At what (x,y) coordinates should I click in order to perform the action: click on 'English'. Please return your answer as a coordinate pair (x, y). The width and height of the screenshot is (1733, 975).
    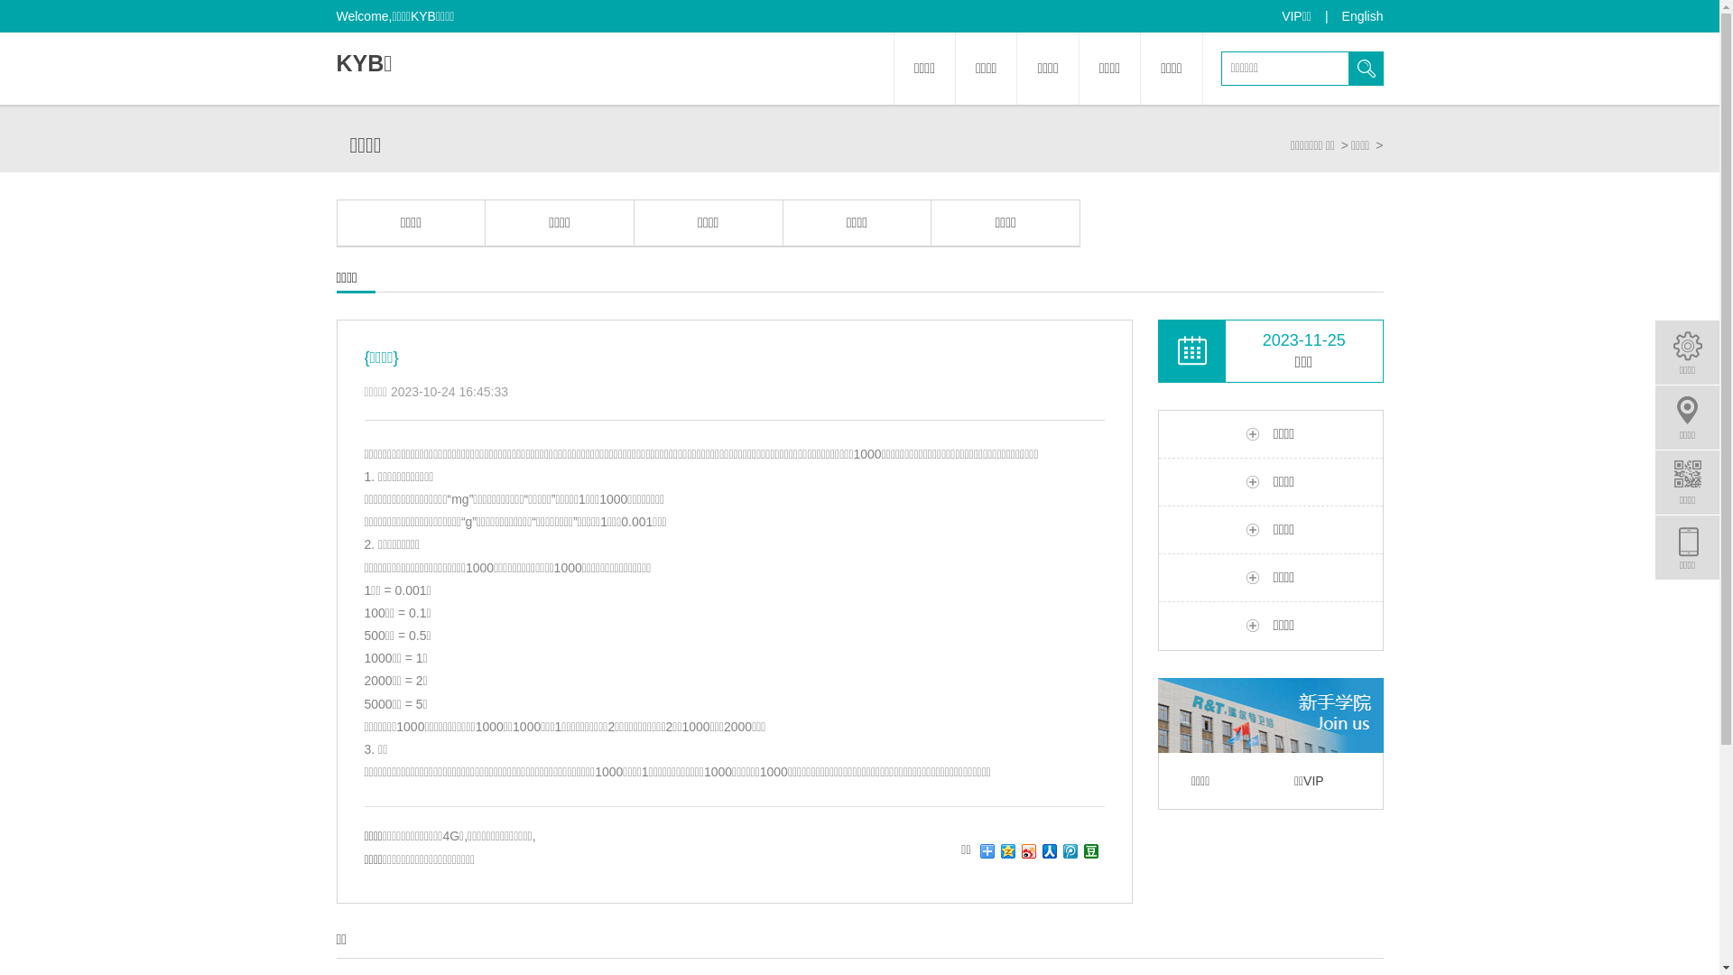
    Looking at the image, I should click on (1363, 16).